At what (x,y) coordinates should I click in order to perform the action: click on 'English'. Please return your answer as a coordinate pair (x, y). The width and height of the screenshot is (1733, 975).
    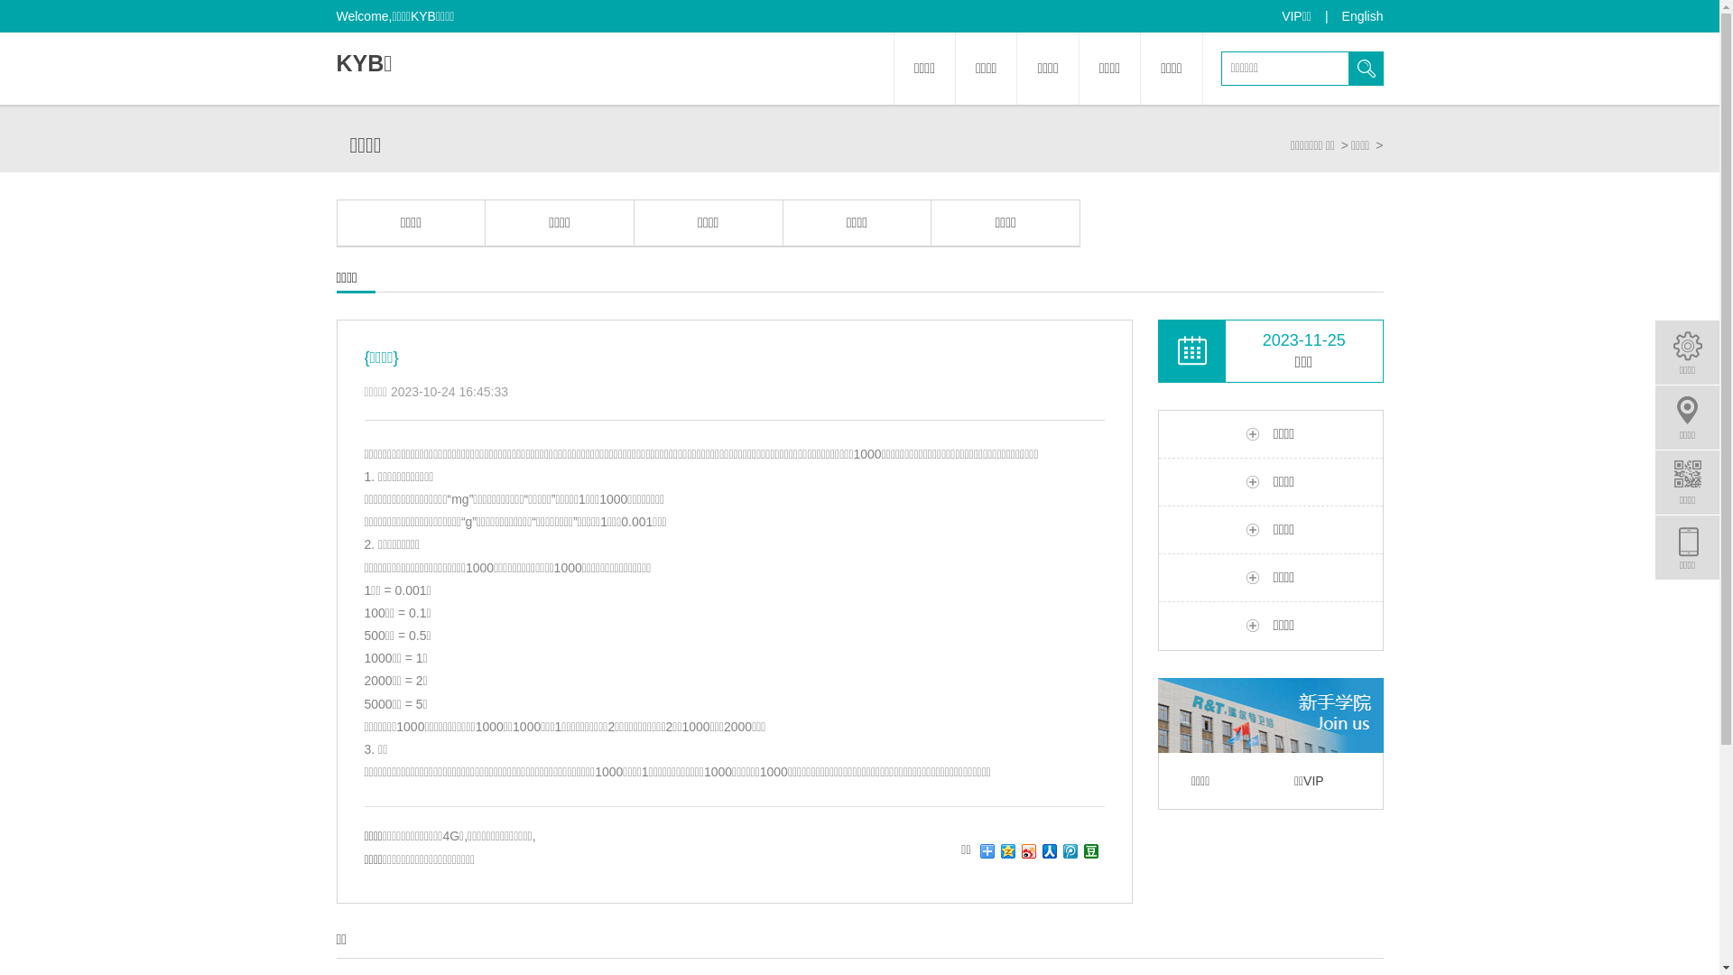
    Looking at the image, I should click on (1363, 16).